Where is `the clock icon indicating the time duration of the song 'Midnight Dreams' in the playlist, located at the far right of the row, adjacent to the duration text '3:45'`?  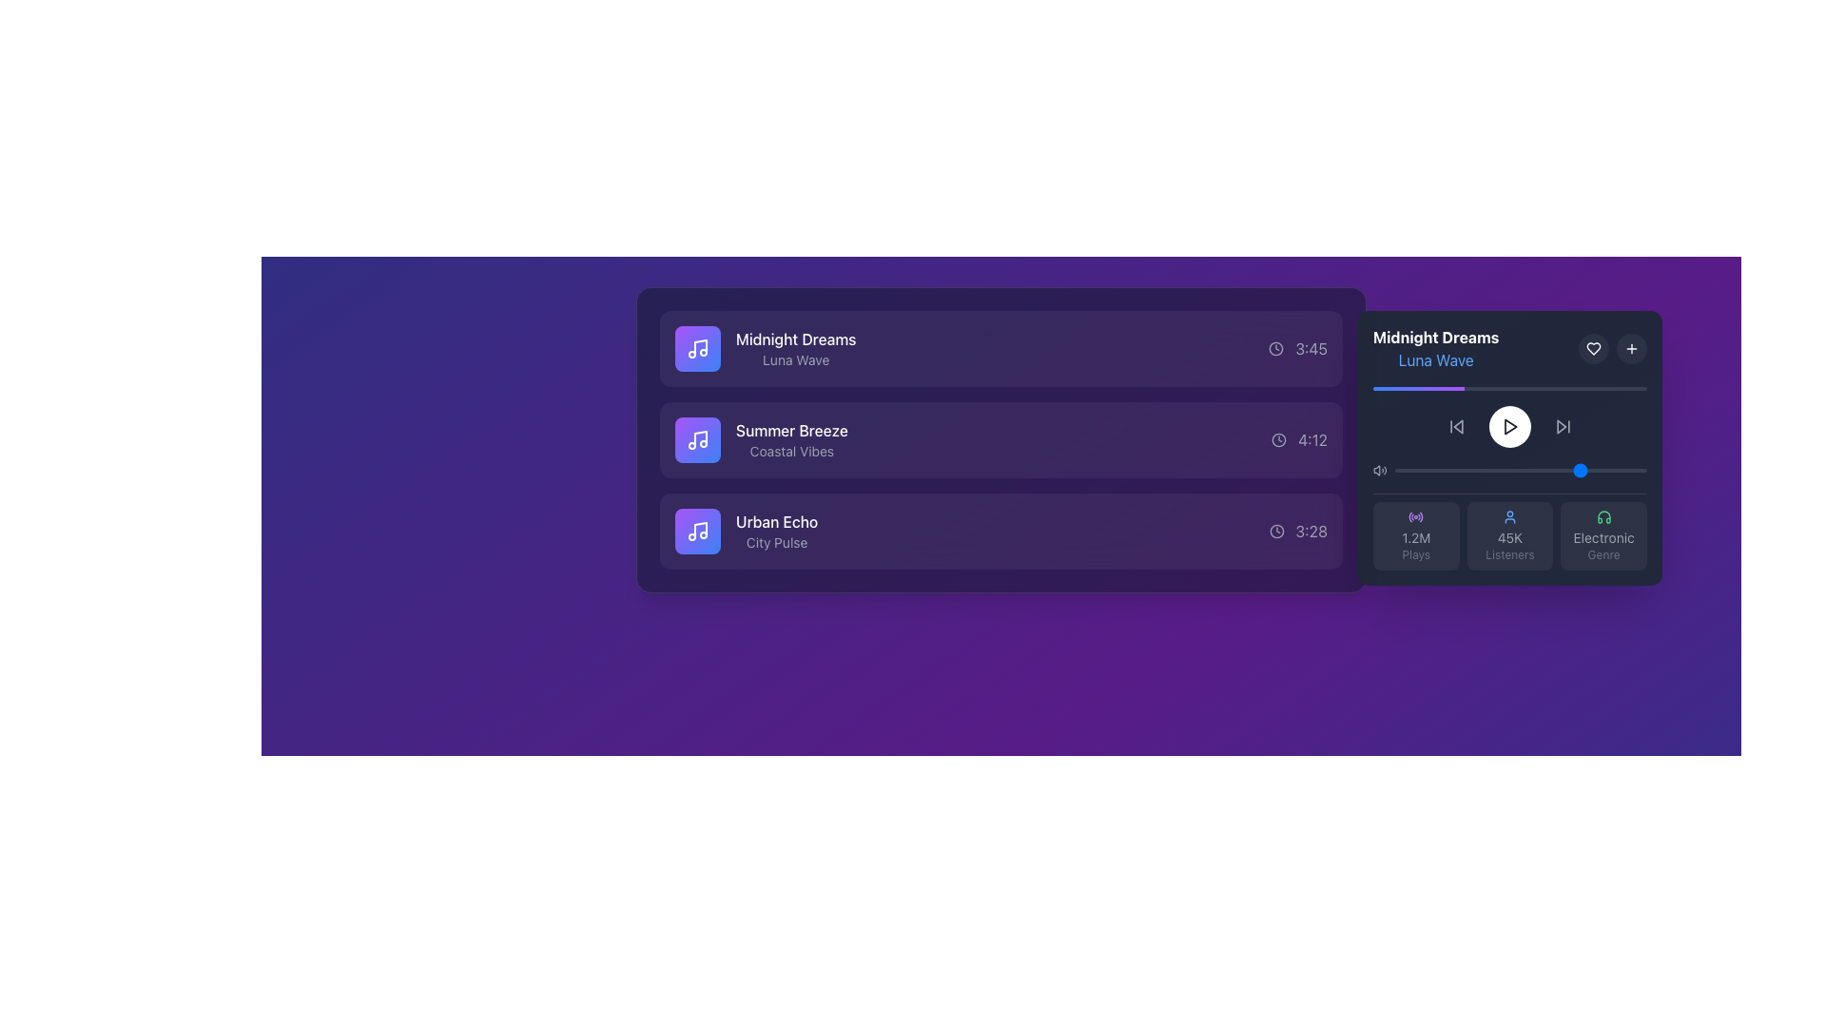 the clock icon indicating the time duration of the song 'Midnight Dreams' in the playlist, located at the far right of the row, adjacent to the duration text '3:45' is located at coordinates (1276, 348).